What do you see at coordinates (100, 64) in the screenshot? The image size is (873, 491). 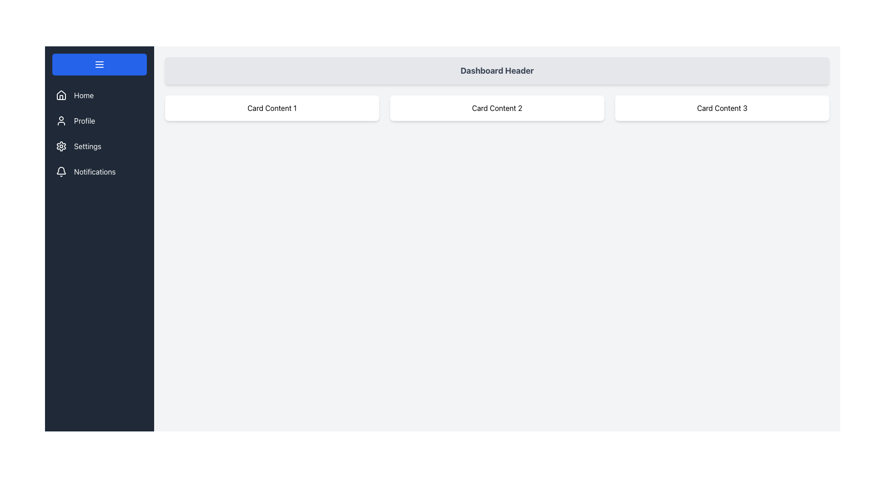 I see `the icon located at the topmost button of the sidebar with a blue background for additional visual feedback` at bounding box center [100, 64].